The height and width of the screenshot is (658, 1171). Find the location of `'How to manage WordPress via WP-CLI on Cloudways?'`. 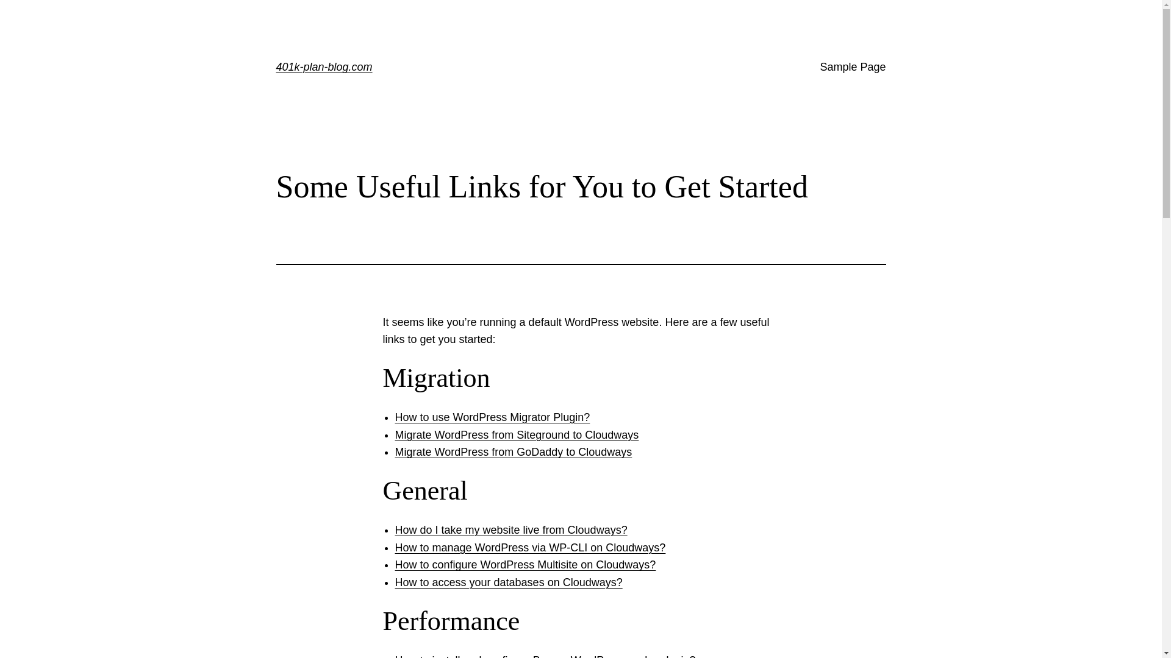

'How to manage WordPress via WP-CLI on Cloudways?' is located at coordinates (530, 547).